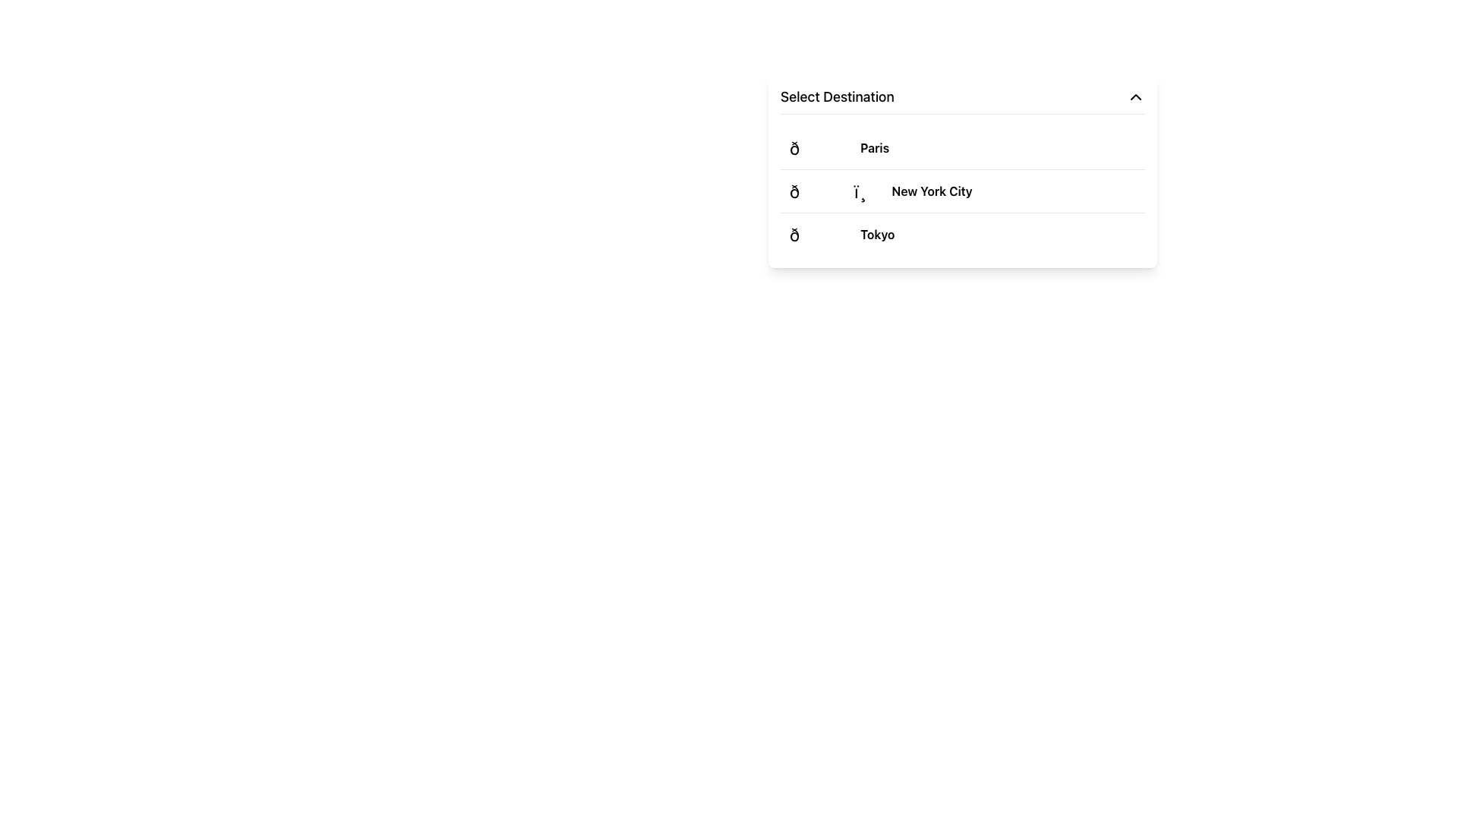 Image resolution: width=1458 pixels, height=820 pixels. What do you see at coordinates (837, 190) in the screenshot?
I see `the icon element styled with 'text-2xl' next to 'New York City' for information` at bounding box center [837, 190].